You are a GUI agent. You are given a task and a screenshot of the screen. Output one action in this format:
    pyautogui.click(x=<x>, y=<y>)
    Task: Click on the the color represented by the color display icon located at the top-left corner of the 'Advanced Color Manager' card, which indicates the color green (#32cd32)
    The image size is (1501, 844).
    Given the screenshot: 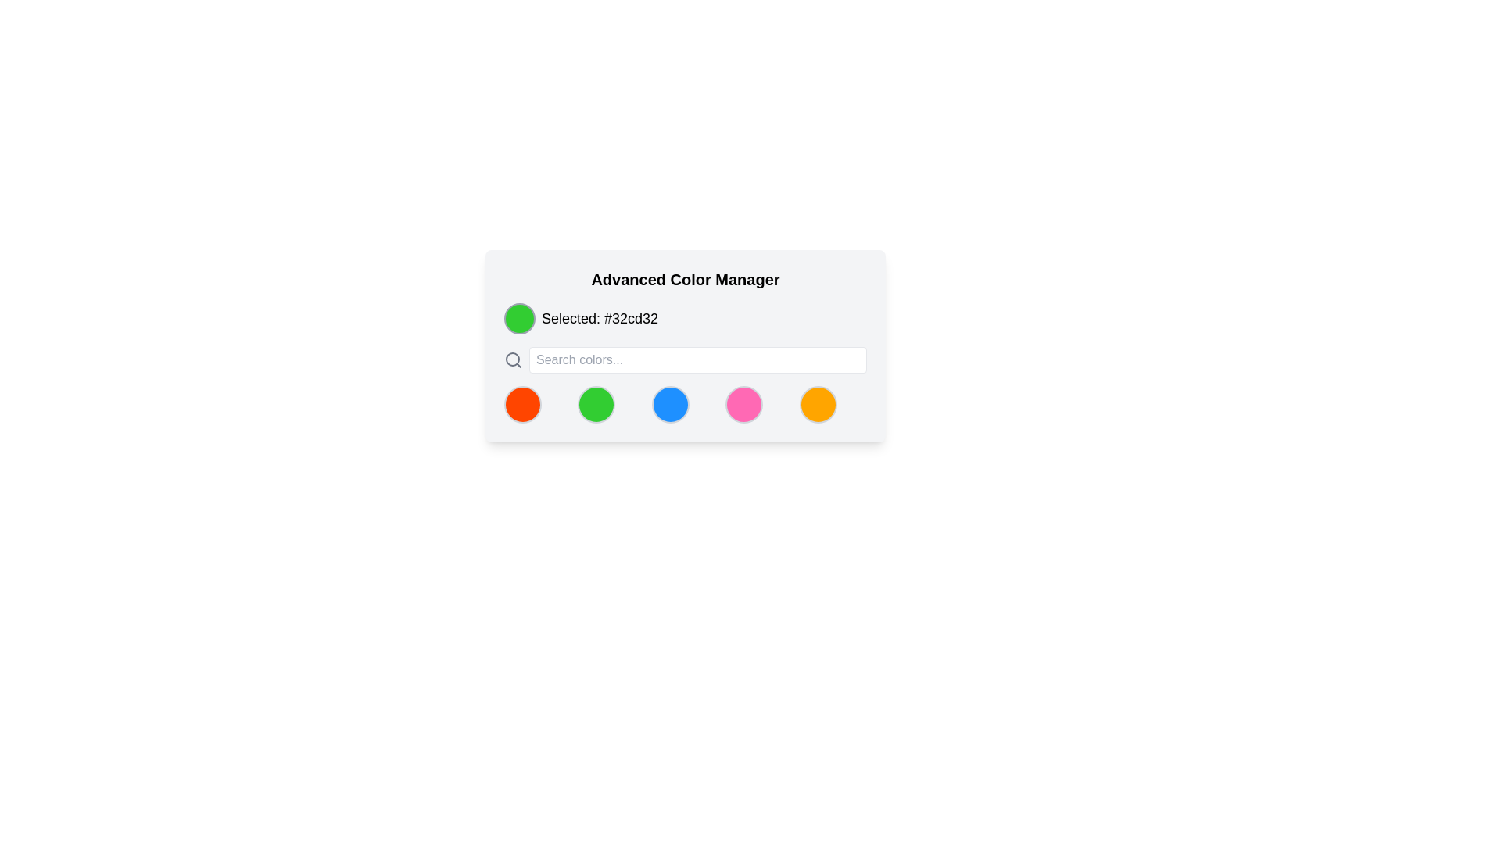 What is the action you would take?
    pyautogui.click(x=520, y=318)
    